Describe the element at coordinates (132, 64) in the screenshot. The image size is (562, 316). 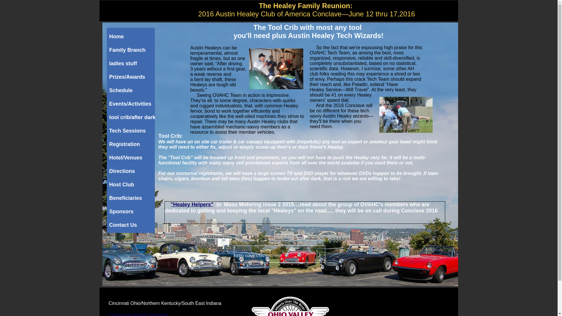
I see `'ladies stuff'` at that location.